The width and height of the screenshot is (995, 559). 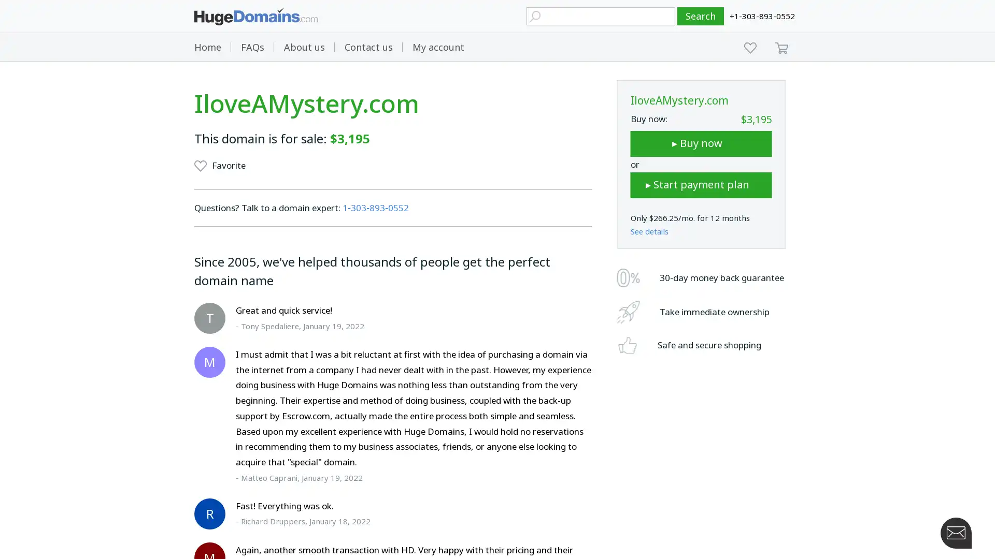 I want to click on Search, so click(x=701, y=16).